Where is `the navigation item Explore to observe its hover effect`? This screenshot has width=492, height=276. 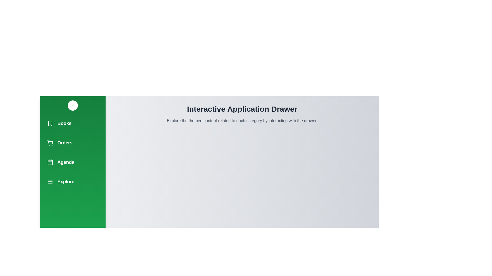 the navigation item Explore to observe its hover effect is located at coordinates (72, 181).